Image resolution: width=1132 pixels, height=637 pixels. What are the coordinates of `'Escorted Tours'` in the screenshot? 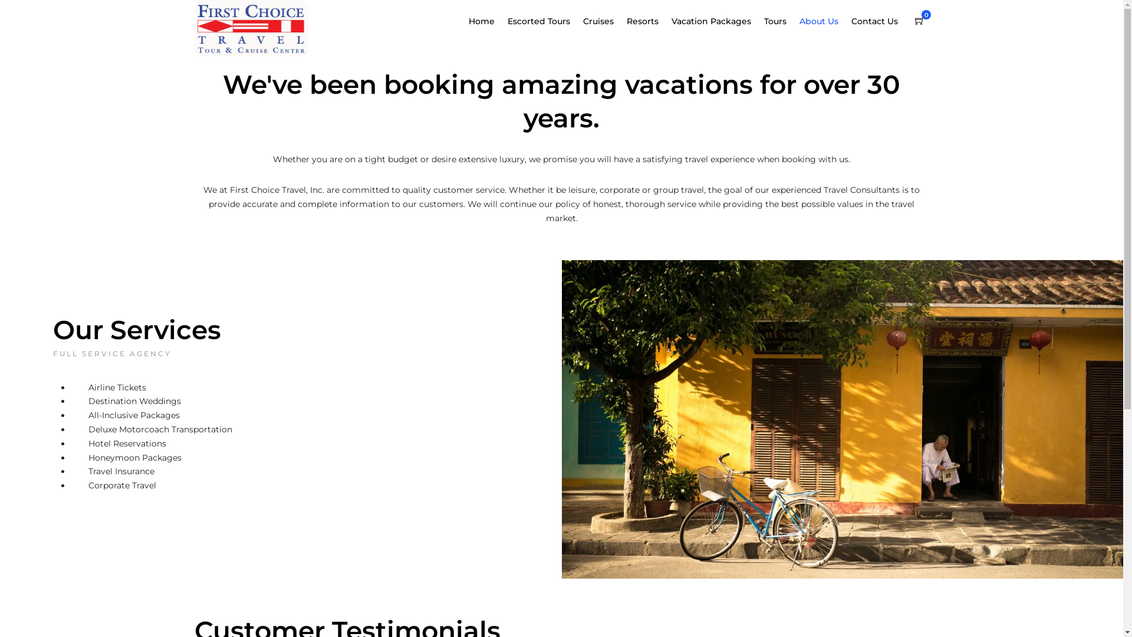 It's located at (543, 22).